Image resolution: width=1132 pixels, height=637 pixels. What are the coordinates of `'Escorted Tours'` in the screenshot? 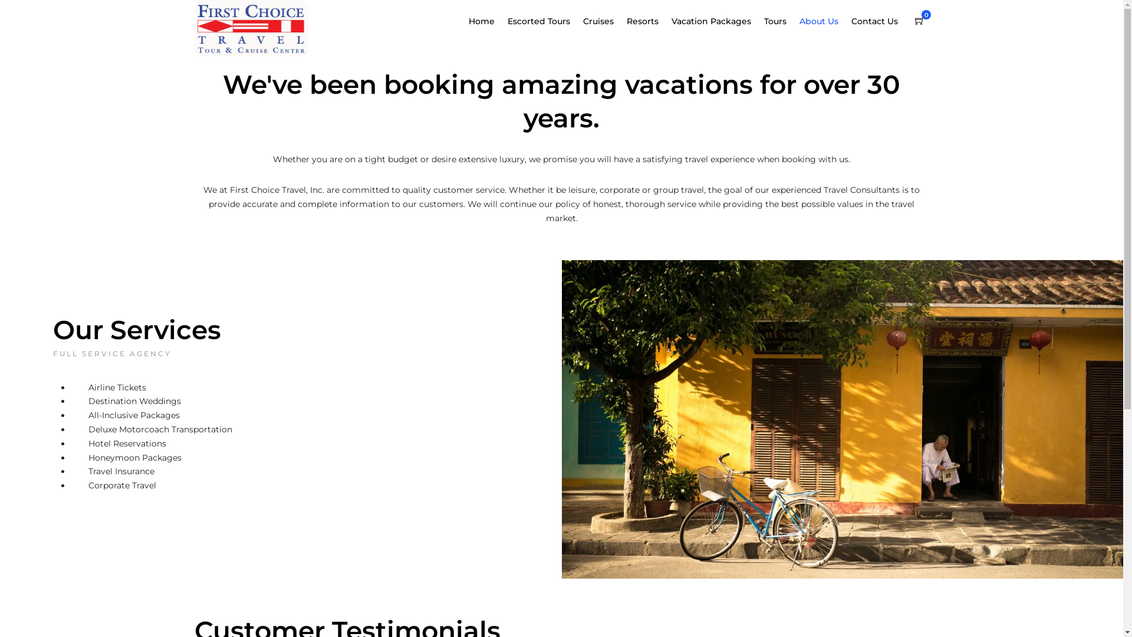 It's located at (543, 22).